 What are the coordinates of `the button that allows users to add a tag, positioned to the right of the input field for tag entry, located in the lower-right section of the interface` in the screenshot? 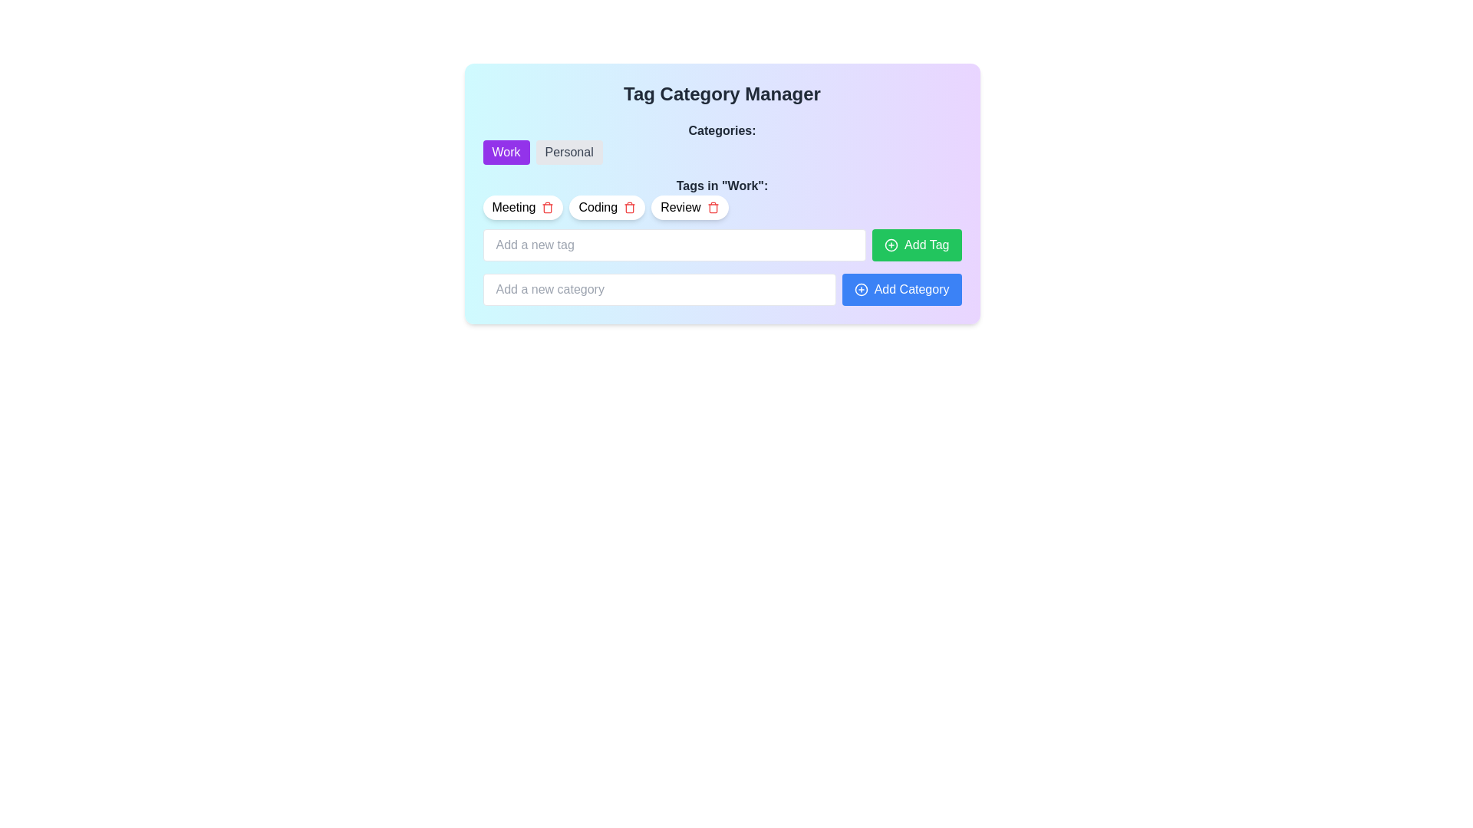 It's located at (917, 245).